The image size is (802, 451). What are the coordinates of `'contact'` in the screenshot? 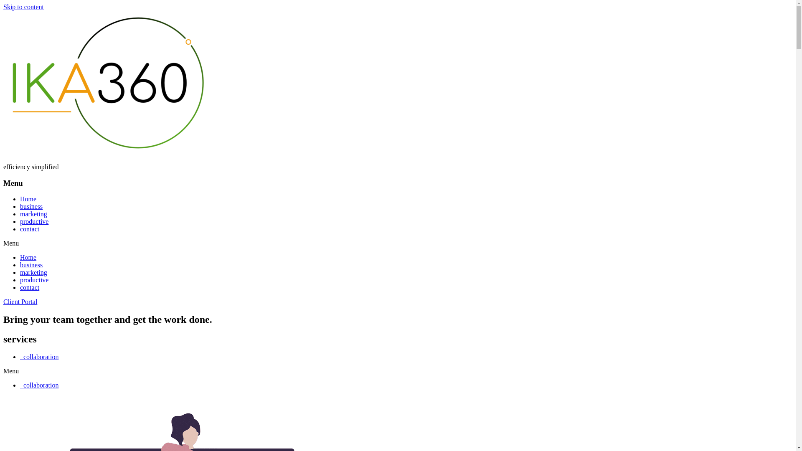 It's located at (30, 287).